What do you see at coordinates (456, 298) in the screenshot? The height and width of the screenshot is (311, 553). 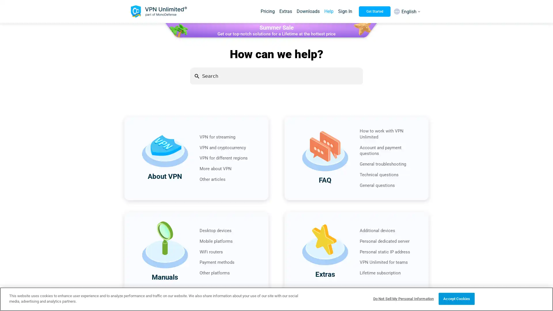 I see `Accept Cookies` at bounding box center [456, 298].